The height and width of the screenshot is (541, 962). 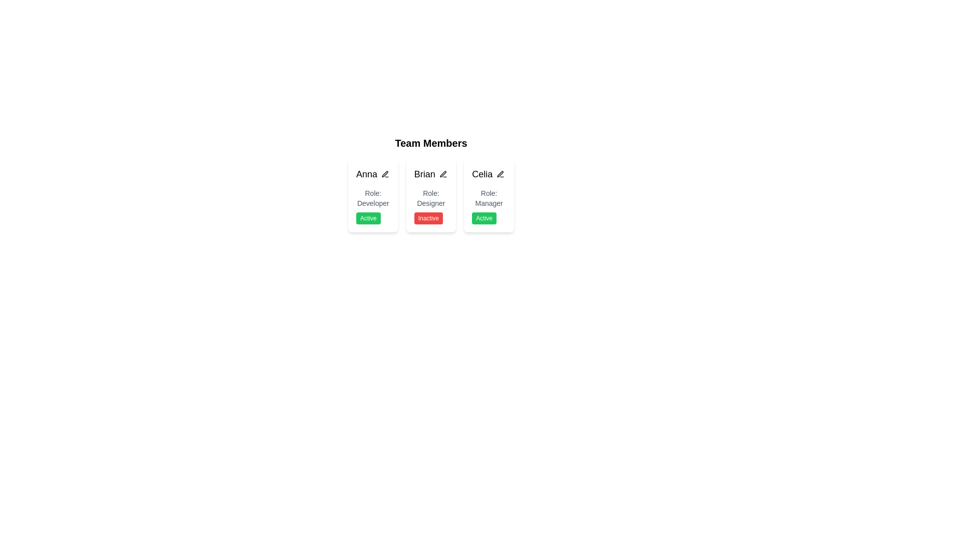 I want to click on the pen icon located to the far right of the name 'Brian' in the top section of the card labeled 'Brian', so click(x=442, y=173).